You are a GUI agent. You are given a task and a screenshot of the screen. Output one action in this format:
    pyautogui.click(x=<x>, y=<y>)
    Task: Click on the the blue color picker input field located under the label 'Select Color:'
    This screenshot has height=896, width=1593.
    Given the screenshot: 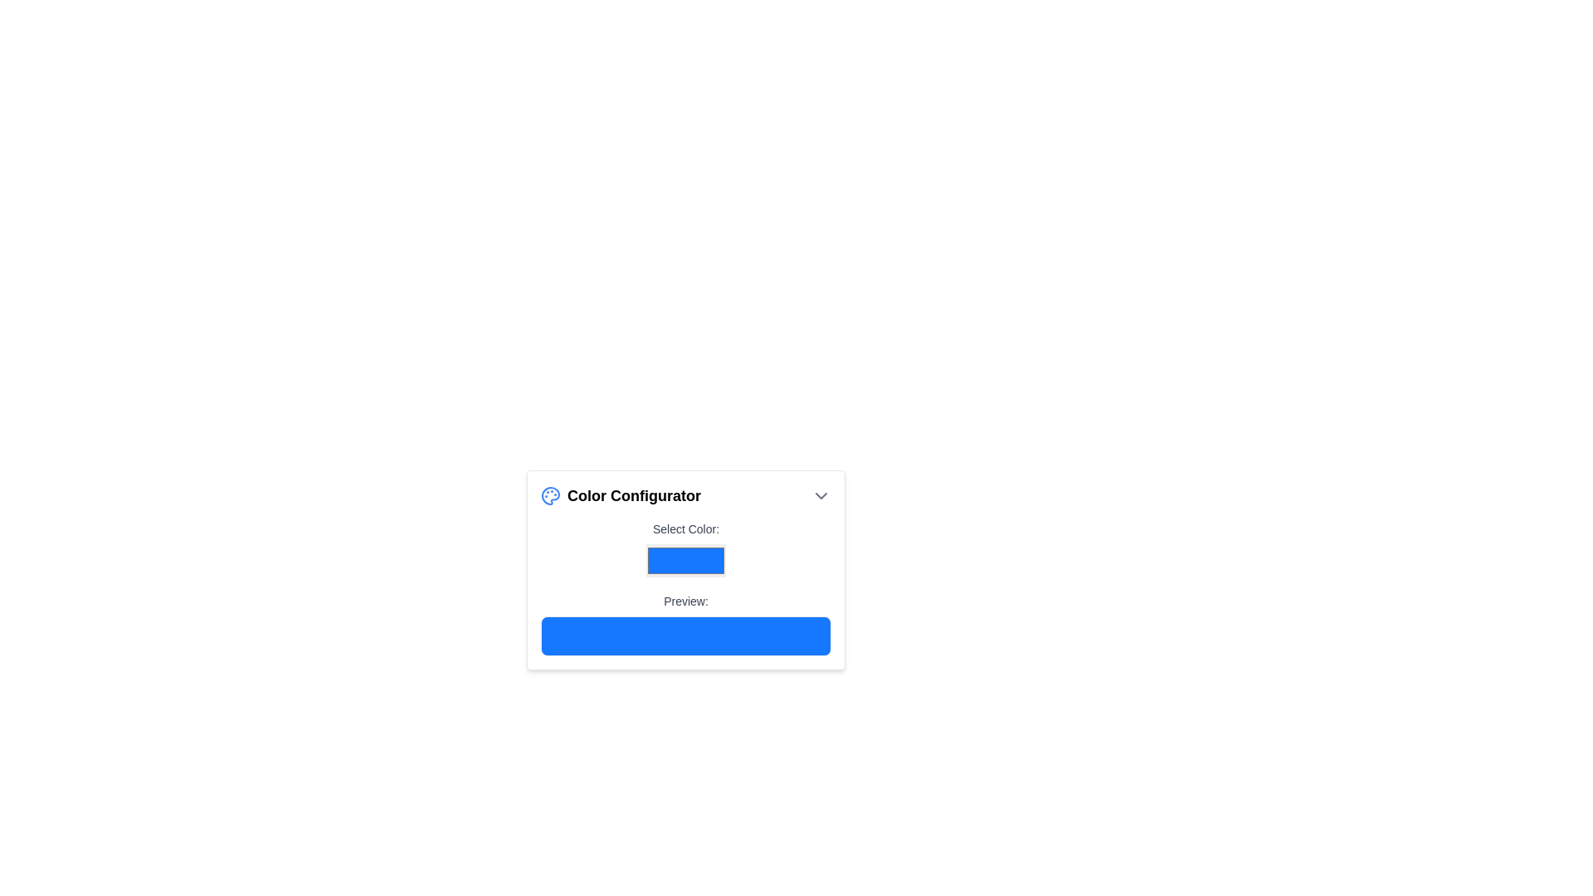 What is the action you would take?
    pyautogui.click(x=685, y=550)
    